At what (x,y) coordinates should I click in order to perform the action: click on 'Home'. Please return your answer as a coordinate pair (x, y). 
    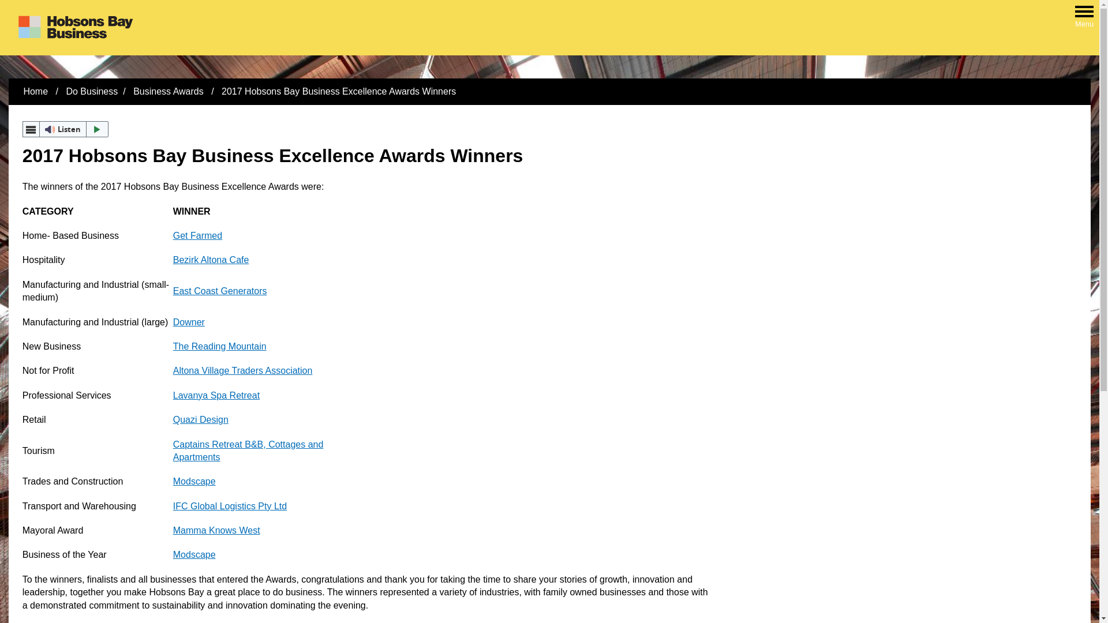
    Looking at the image, I should click on (23, 91).